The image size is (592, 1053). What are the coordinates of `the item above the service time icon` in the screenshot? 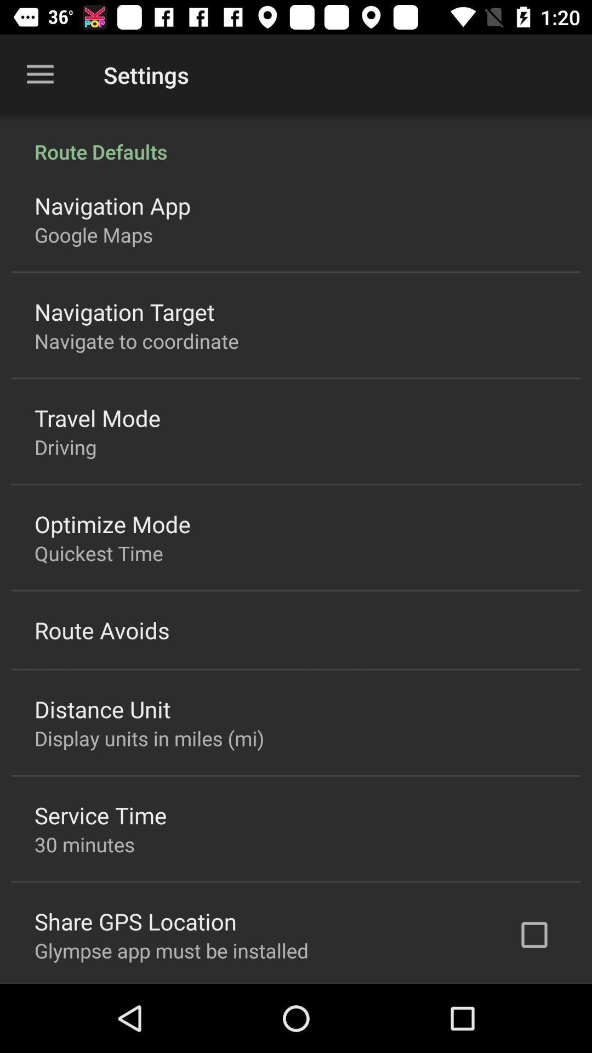 It's located at (149, 738).